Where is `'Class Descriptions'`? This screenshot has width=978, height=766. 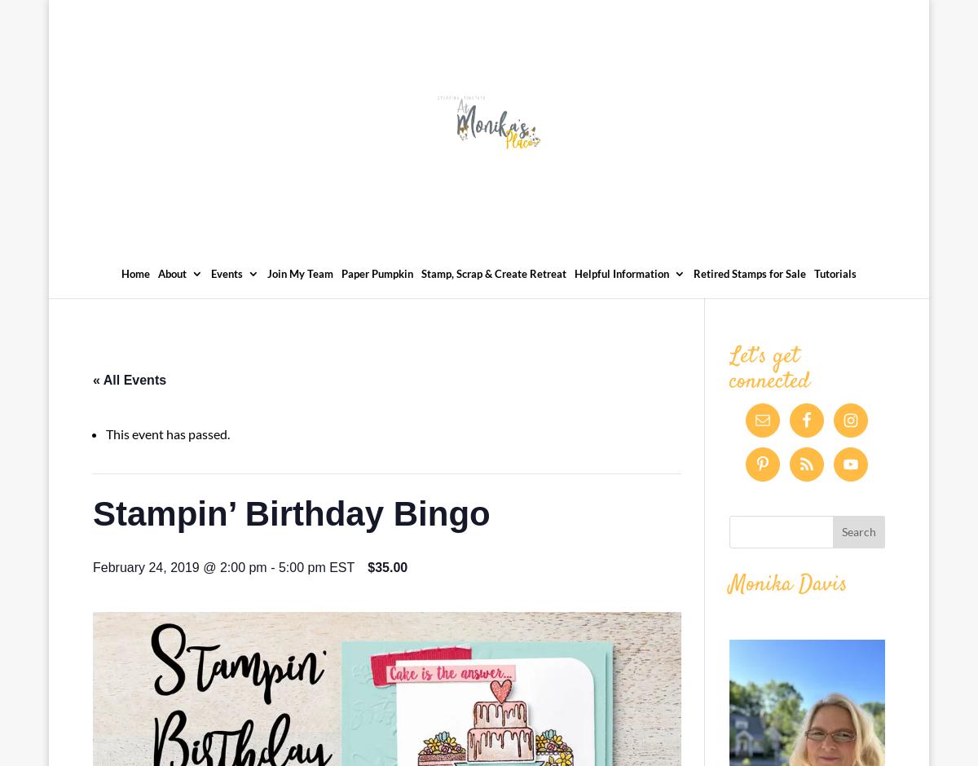 'Class Descriptions' is located at coordinates (288, 399).